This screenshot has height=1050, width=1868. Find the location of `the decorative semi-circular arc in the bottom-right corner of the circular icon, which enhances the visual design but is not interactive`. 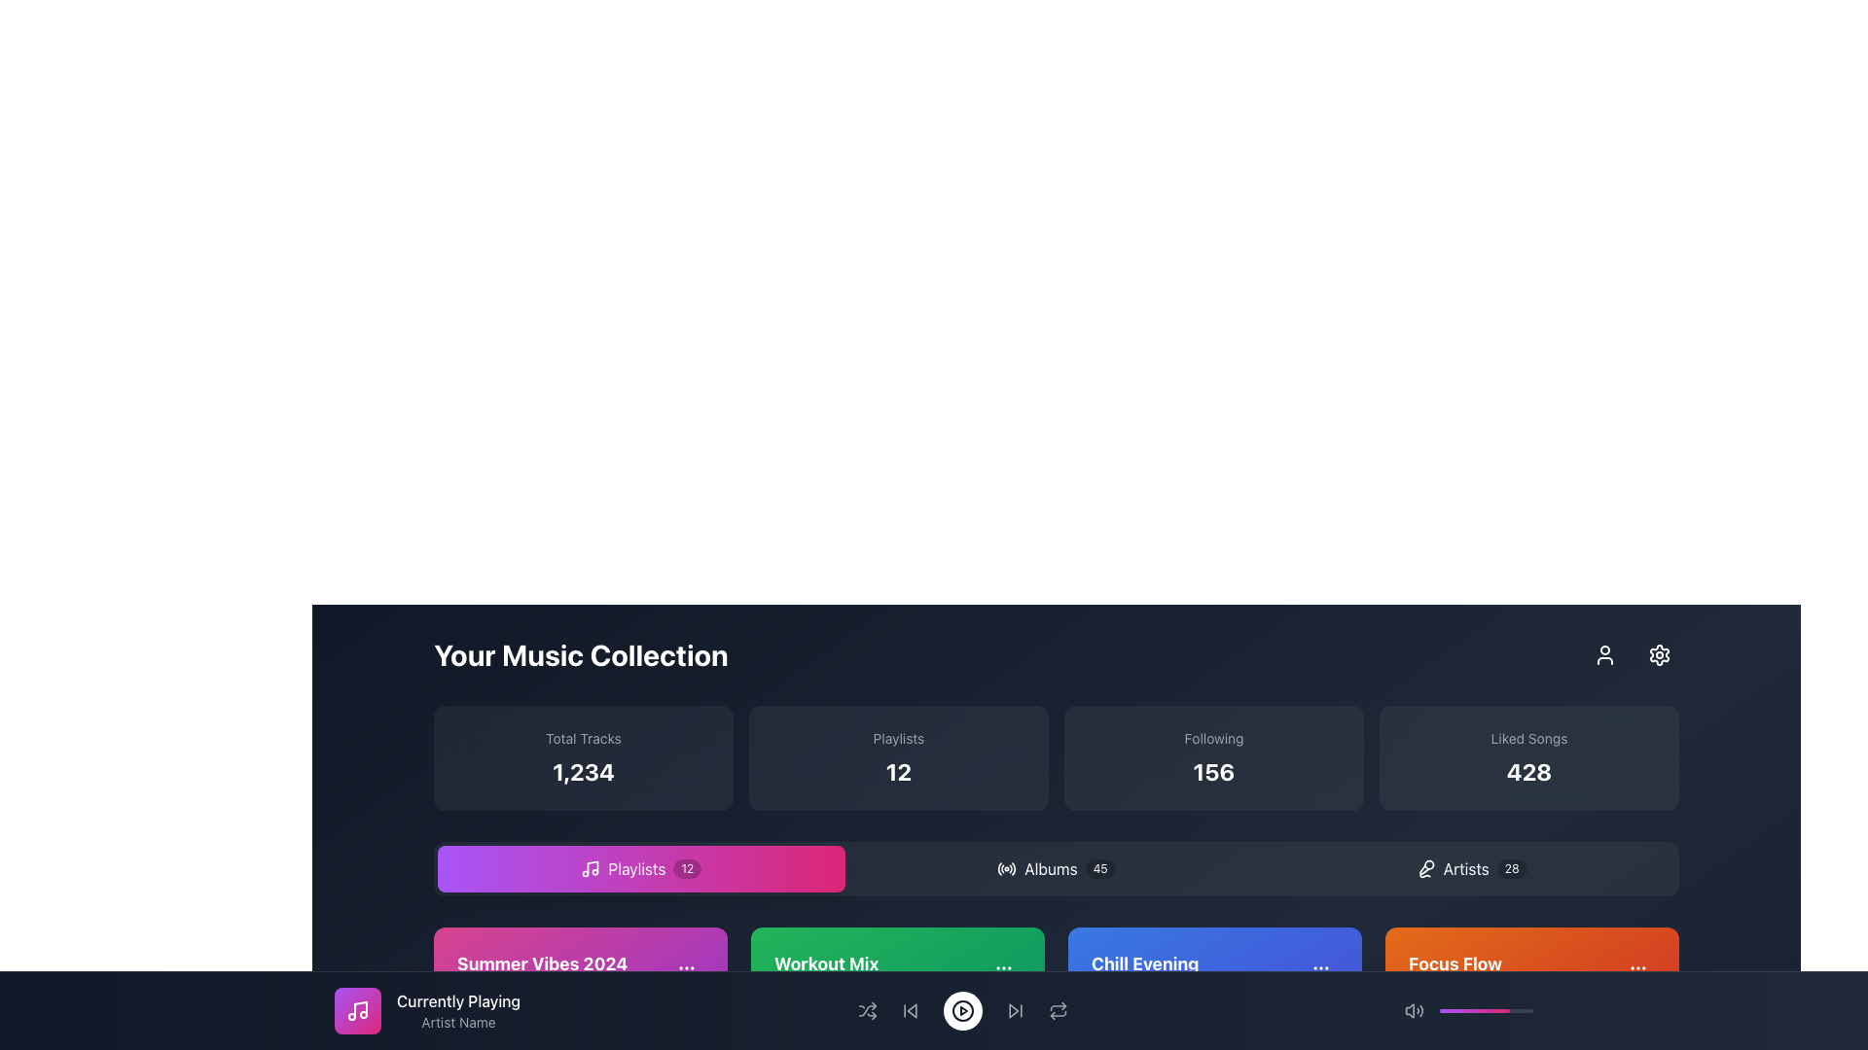

the decorative semi-circular arc in the bottom-right corner of the circular icon, which enhances the visual design but is not interactive is located at coordinates (1000, 868).